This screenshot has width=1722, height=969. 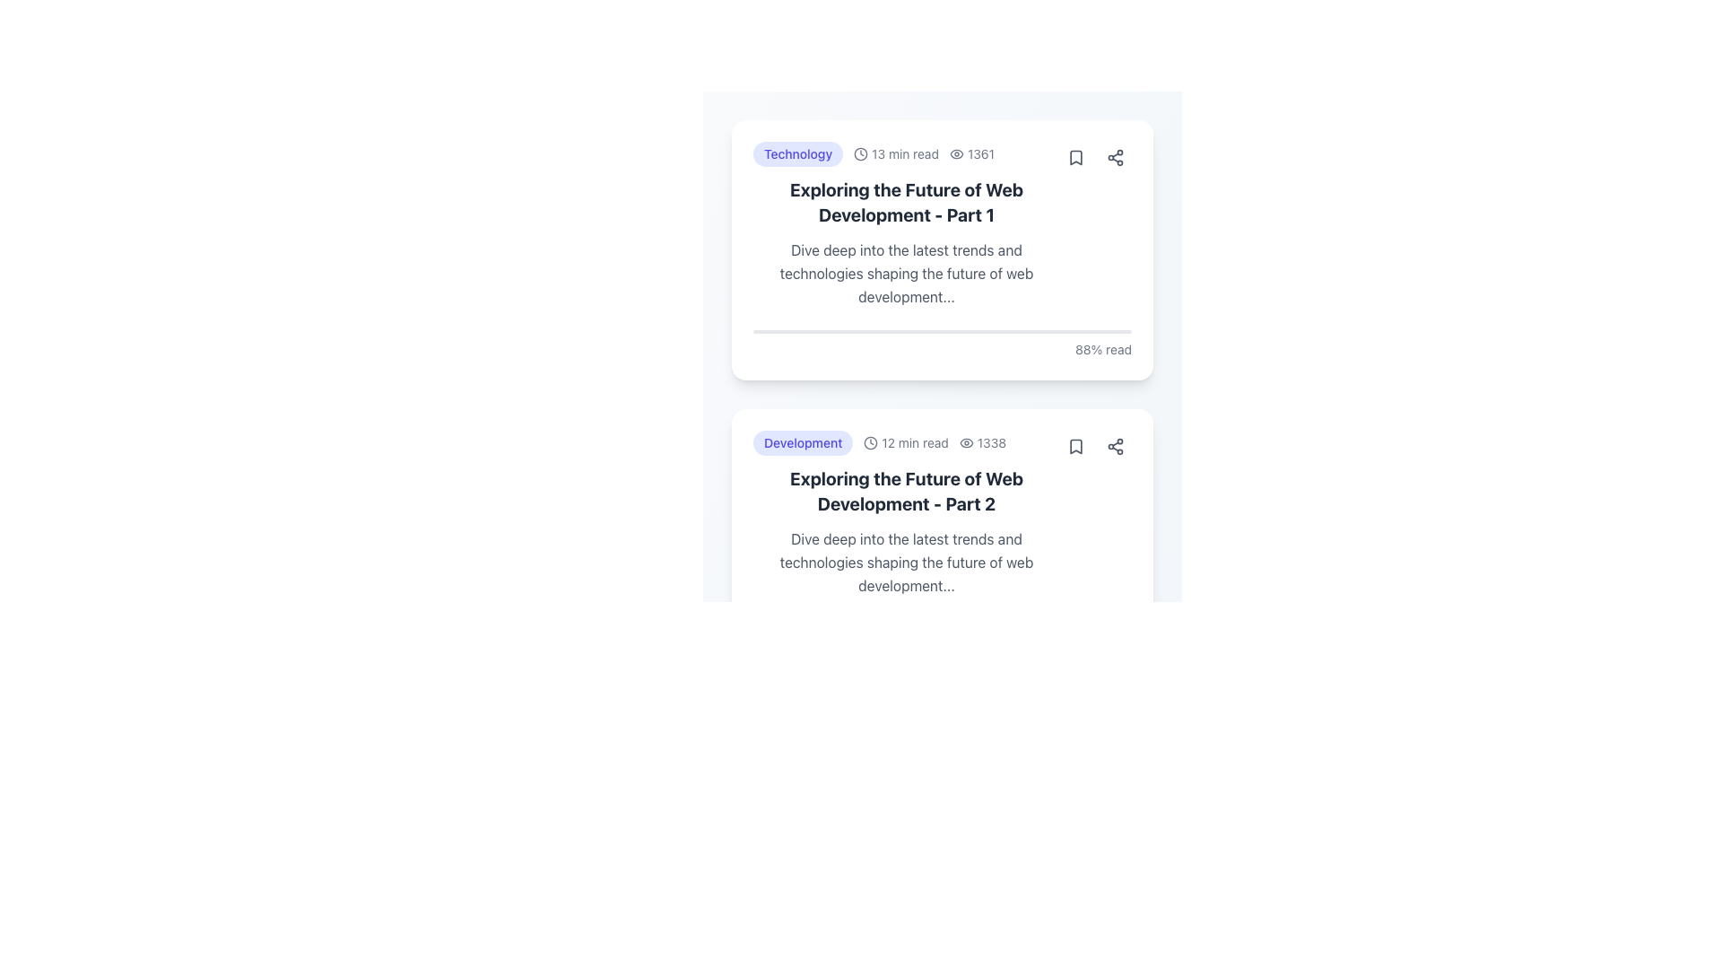 What do you see at coordinates (942, 249) in the screenshot?
I see `the first informational card in the vertical grid layout` at bounding box center [942, 249].